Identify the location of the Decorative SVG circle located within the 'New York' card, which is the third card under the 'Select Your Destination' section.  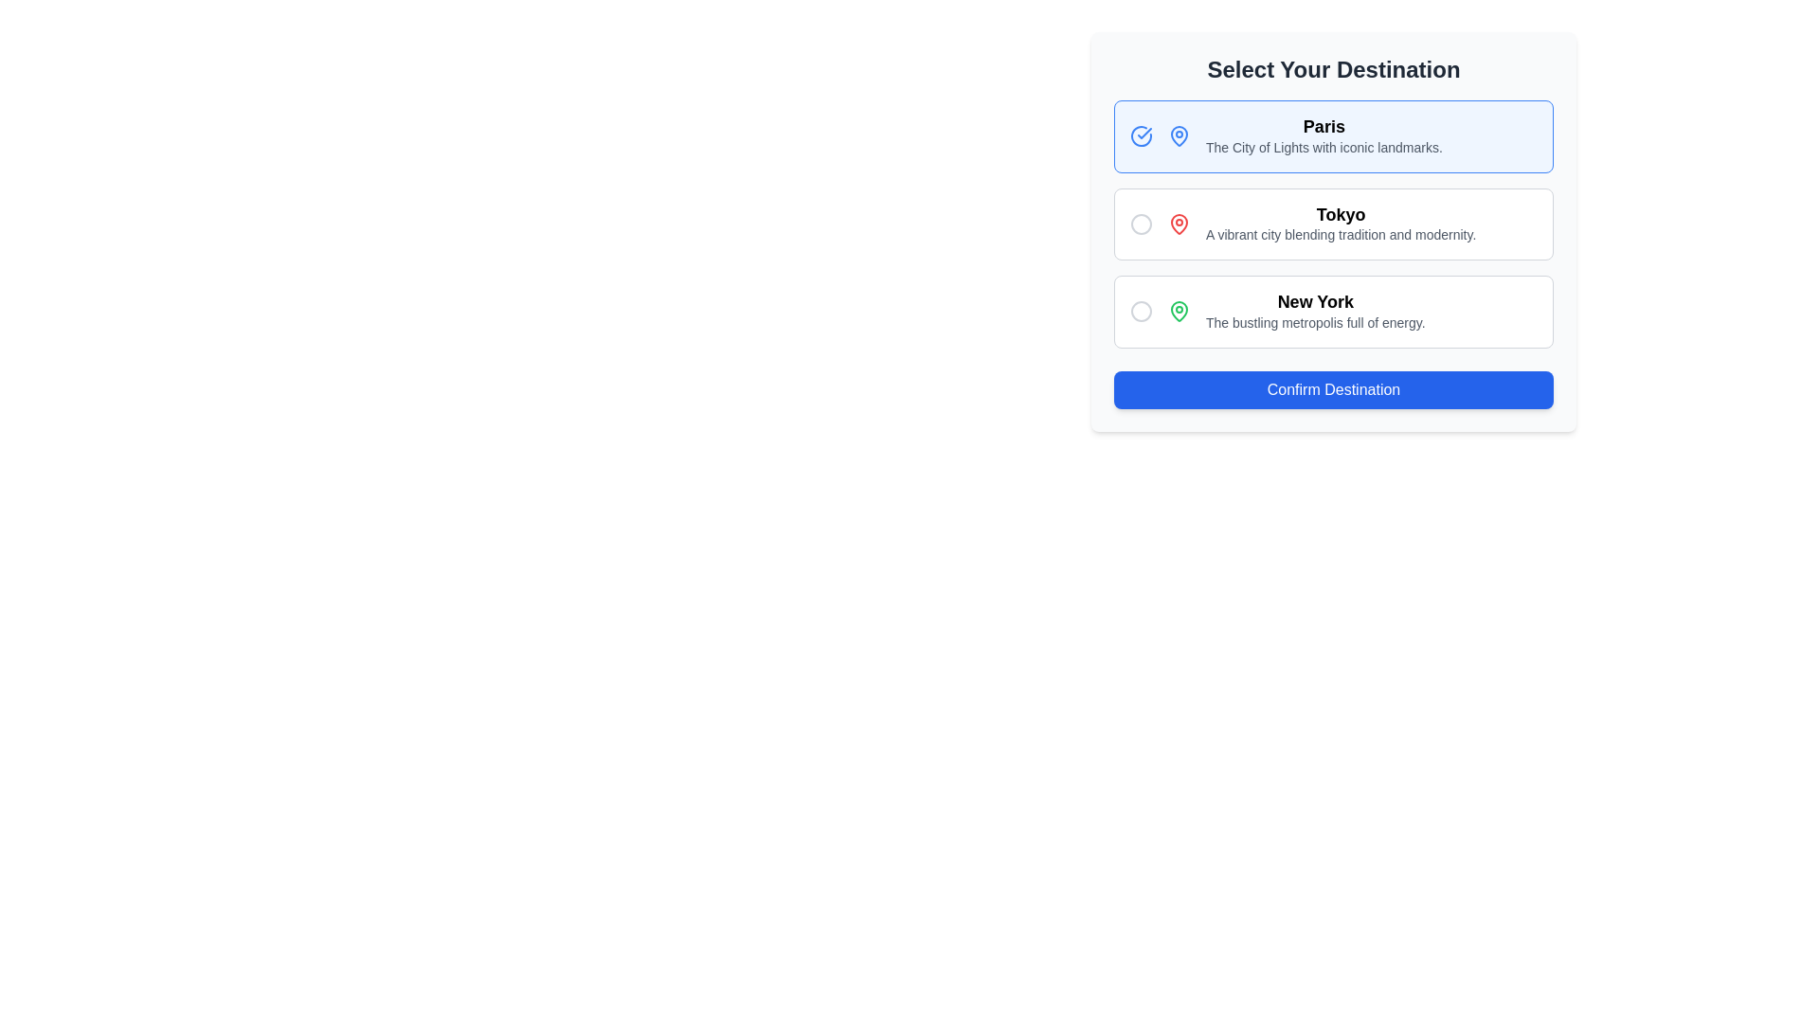
(1140, 310).